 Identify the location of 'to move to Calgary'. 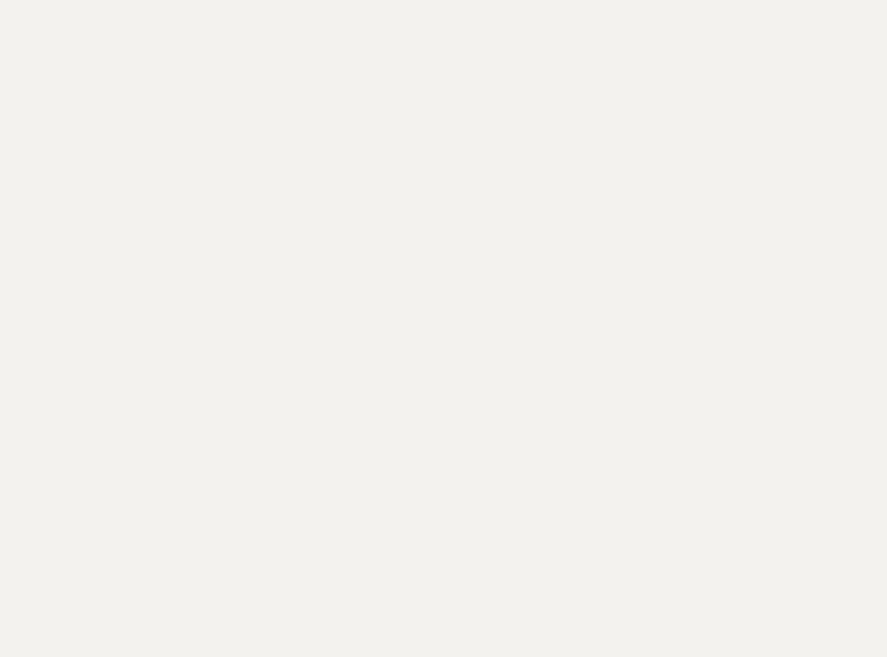
(403, 226).